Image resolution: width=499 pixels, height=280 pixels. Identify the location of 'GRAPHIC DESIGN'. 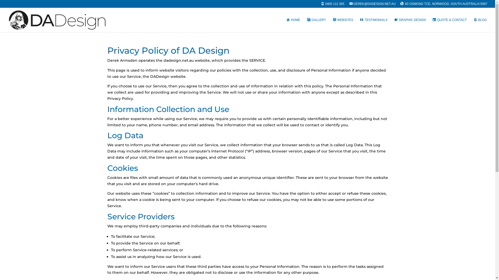
(394, 25).